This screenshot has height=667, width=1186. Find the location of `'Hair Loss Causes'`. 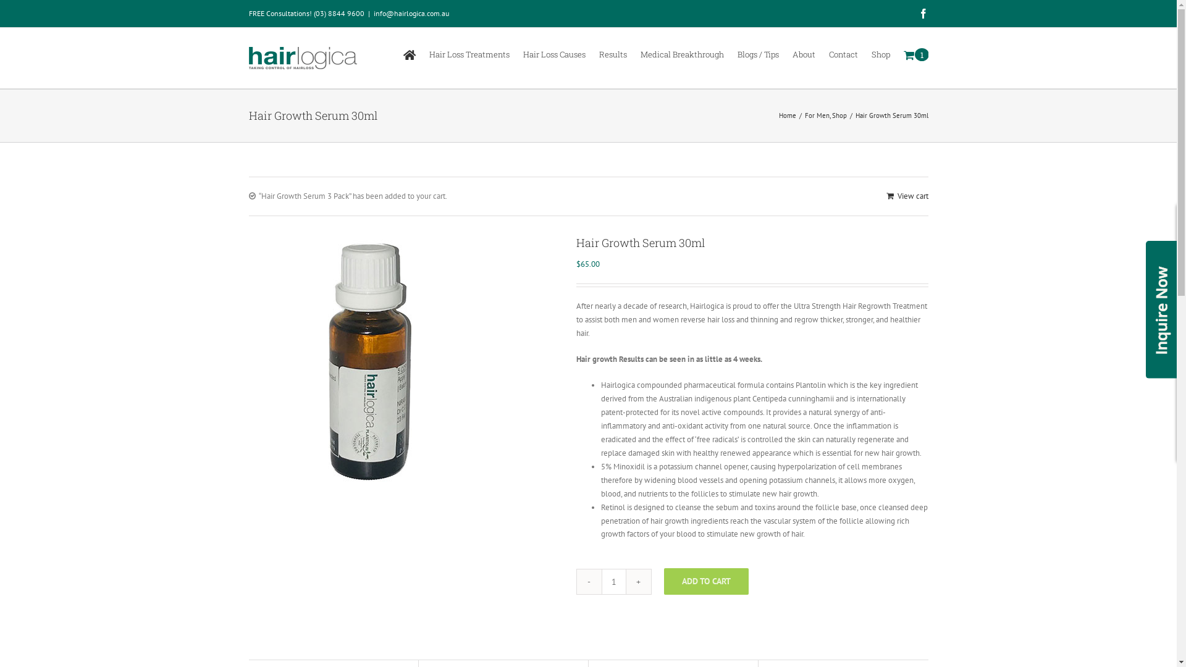

'Hair Loss Causes' is located at coordinates (553, 53).